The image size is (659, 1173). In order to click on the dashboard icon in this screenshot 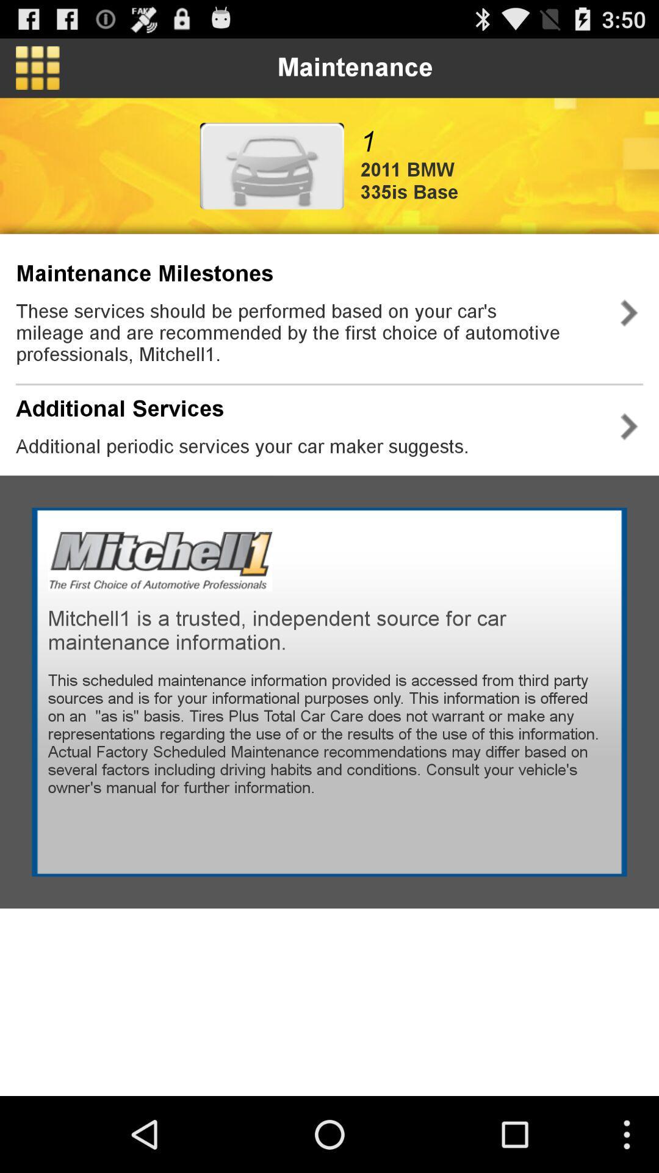, I will do `click(37, 72)`.